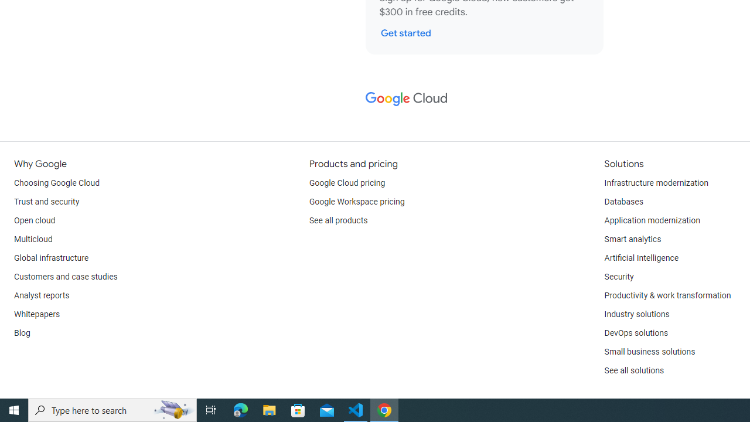 The image size is (750, 422). Describe the element at coordinates (656, 183) in the screenshot. I see `'Infrastructure modernization'` at that location.